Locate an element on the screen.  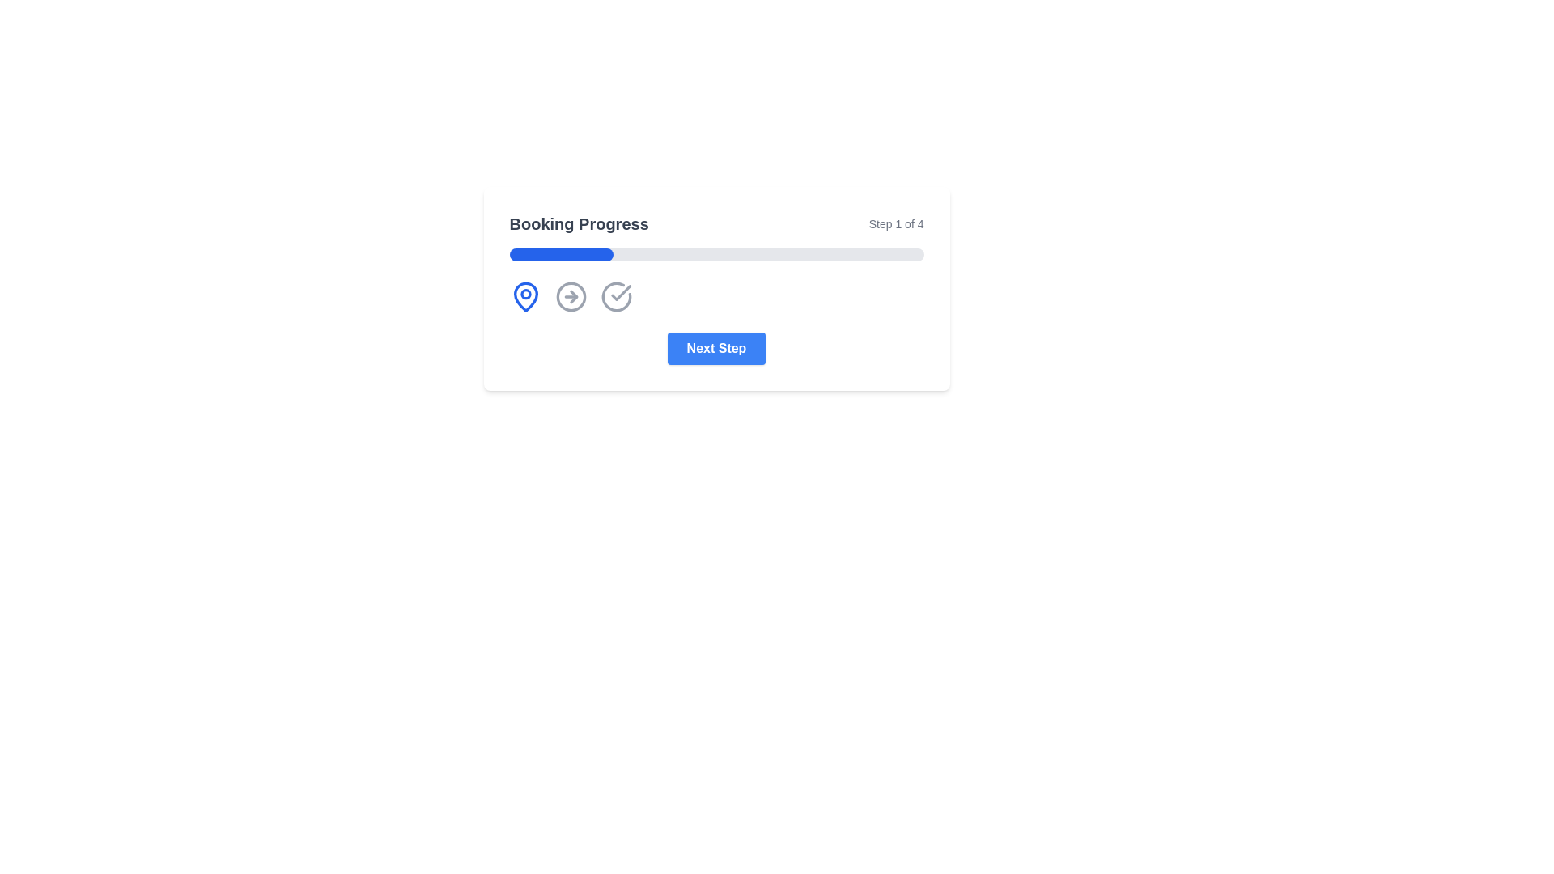
the decorative circular part of the SVG map pin icon, which is distinguished by its red fill and positioned at the top-left corner among a horizontal sequence of icons below the 'Booking Progress' header is located at coordinates (525, 294).